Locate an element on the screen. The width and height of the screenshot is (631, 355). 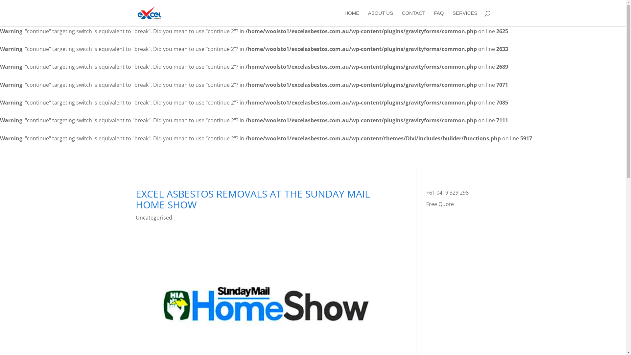
'FAQ' is located at coordinates (438, 18).